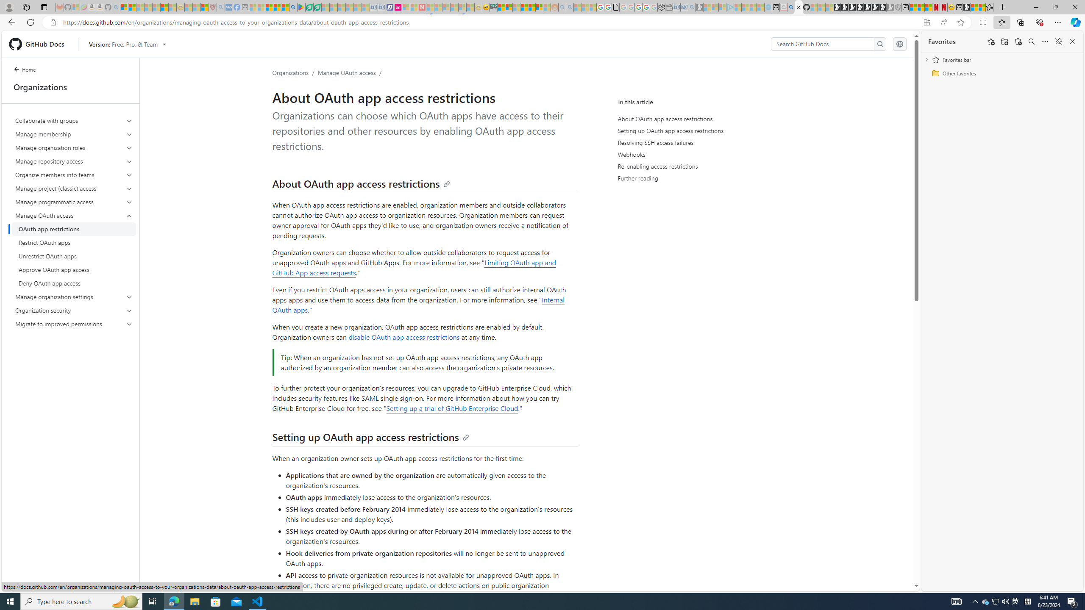  What do you see at coordinates (926, 22) in the screenshot?
I see `'App available. Install GitHub Docs'` at bounding box center [926, 22].